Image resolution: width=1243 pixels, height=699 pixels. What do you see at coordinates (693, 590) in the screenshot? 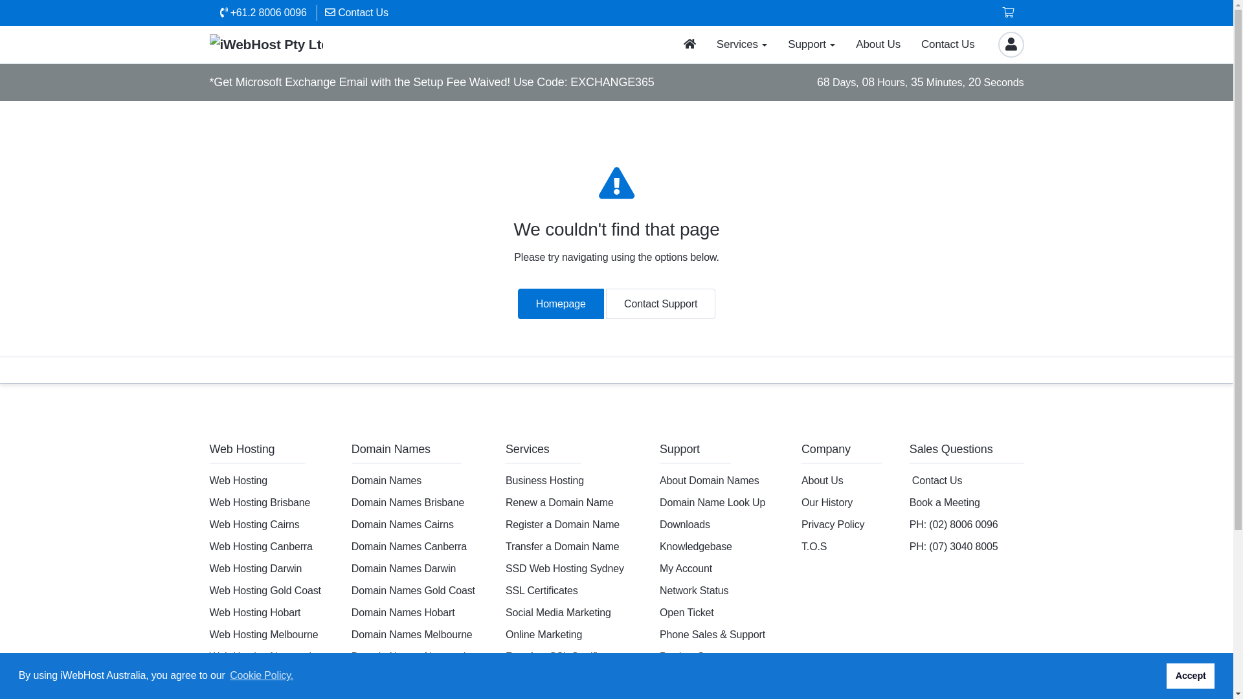
I see `'Network Status'` at bounding box center [693, 590].